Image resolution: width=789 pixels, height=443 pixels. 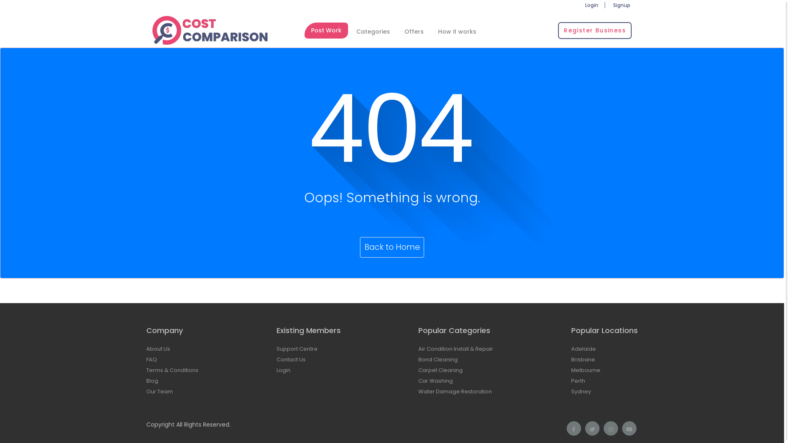 What do you see at coordinates (372, 31) in the screenshot?
I see `'Categories'` at bounding box center [372, 31].